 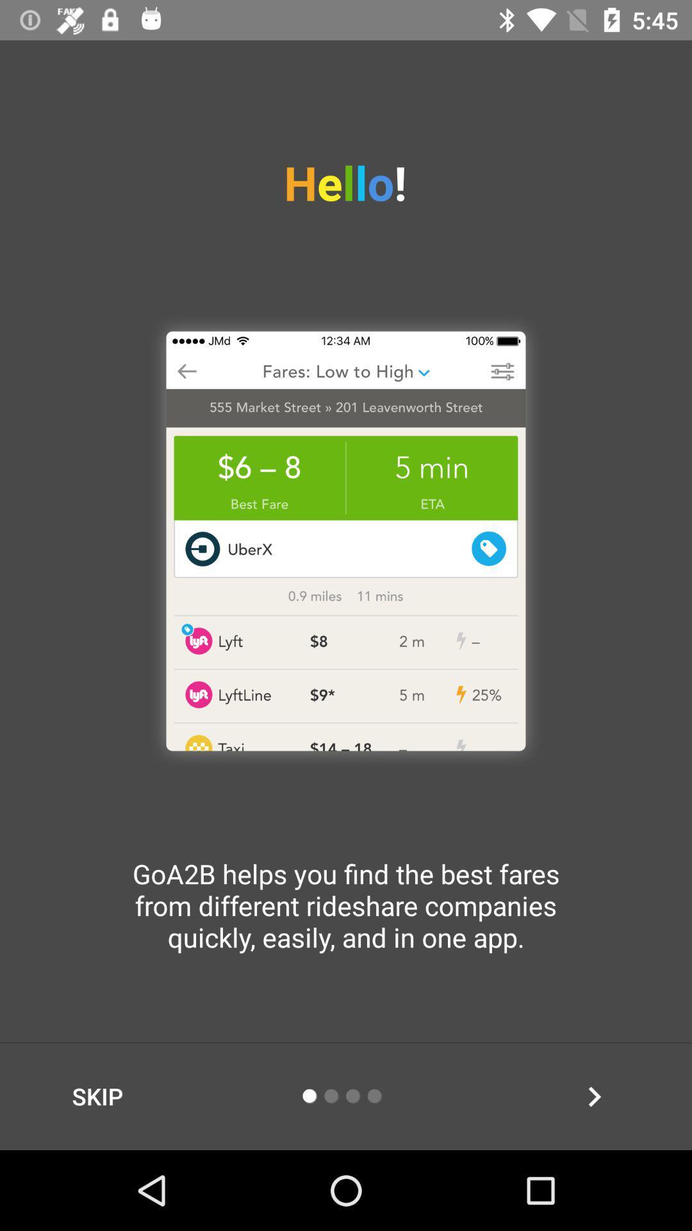 What do you see at coordinates (97, 1096) in the screenshot?
I see `the item below goa2b helps you` at bounding box center [97, 1096].